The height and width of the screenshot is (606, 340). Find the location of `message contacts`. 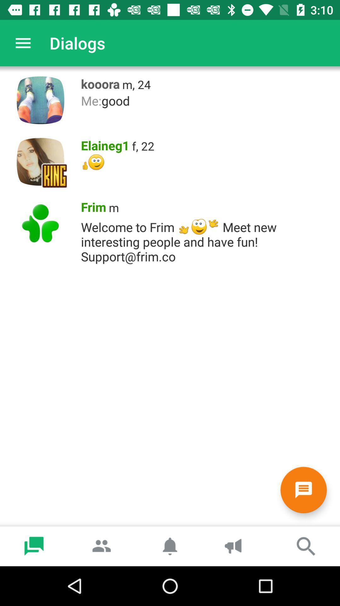

message contacts is located at coordinates (303, 490).